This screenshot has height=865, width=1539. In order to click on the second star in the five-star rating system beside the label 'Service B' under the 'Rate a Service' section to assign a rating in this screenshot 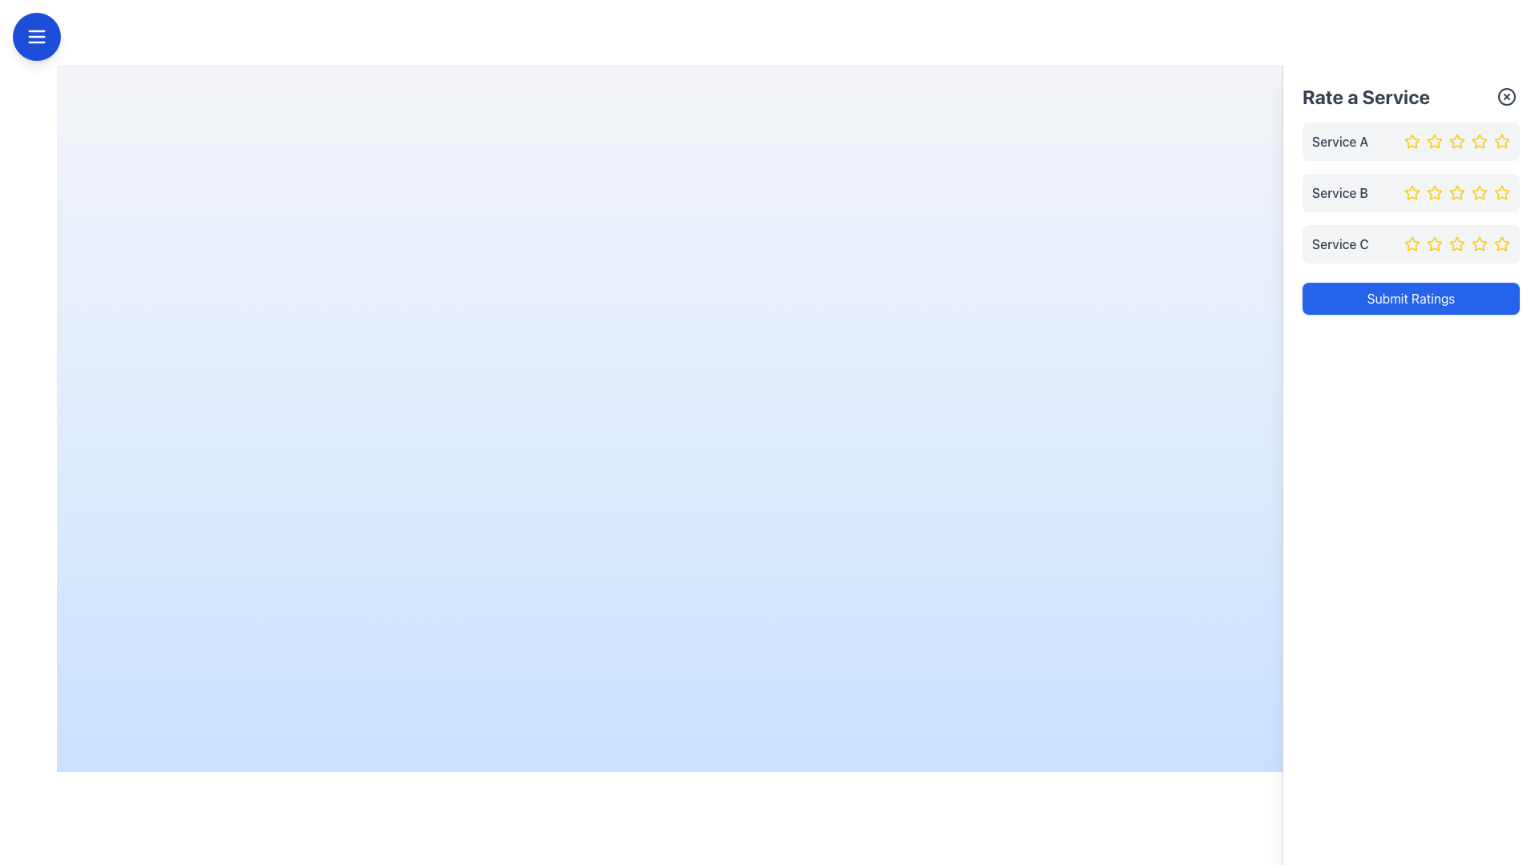, I will do `click(1435, 191)`.